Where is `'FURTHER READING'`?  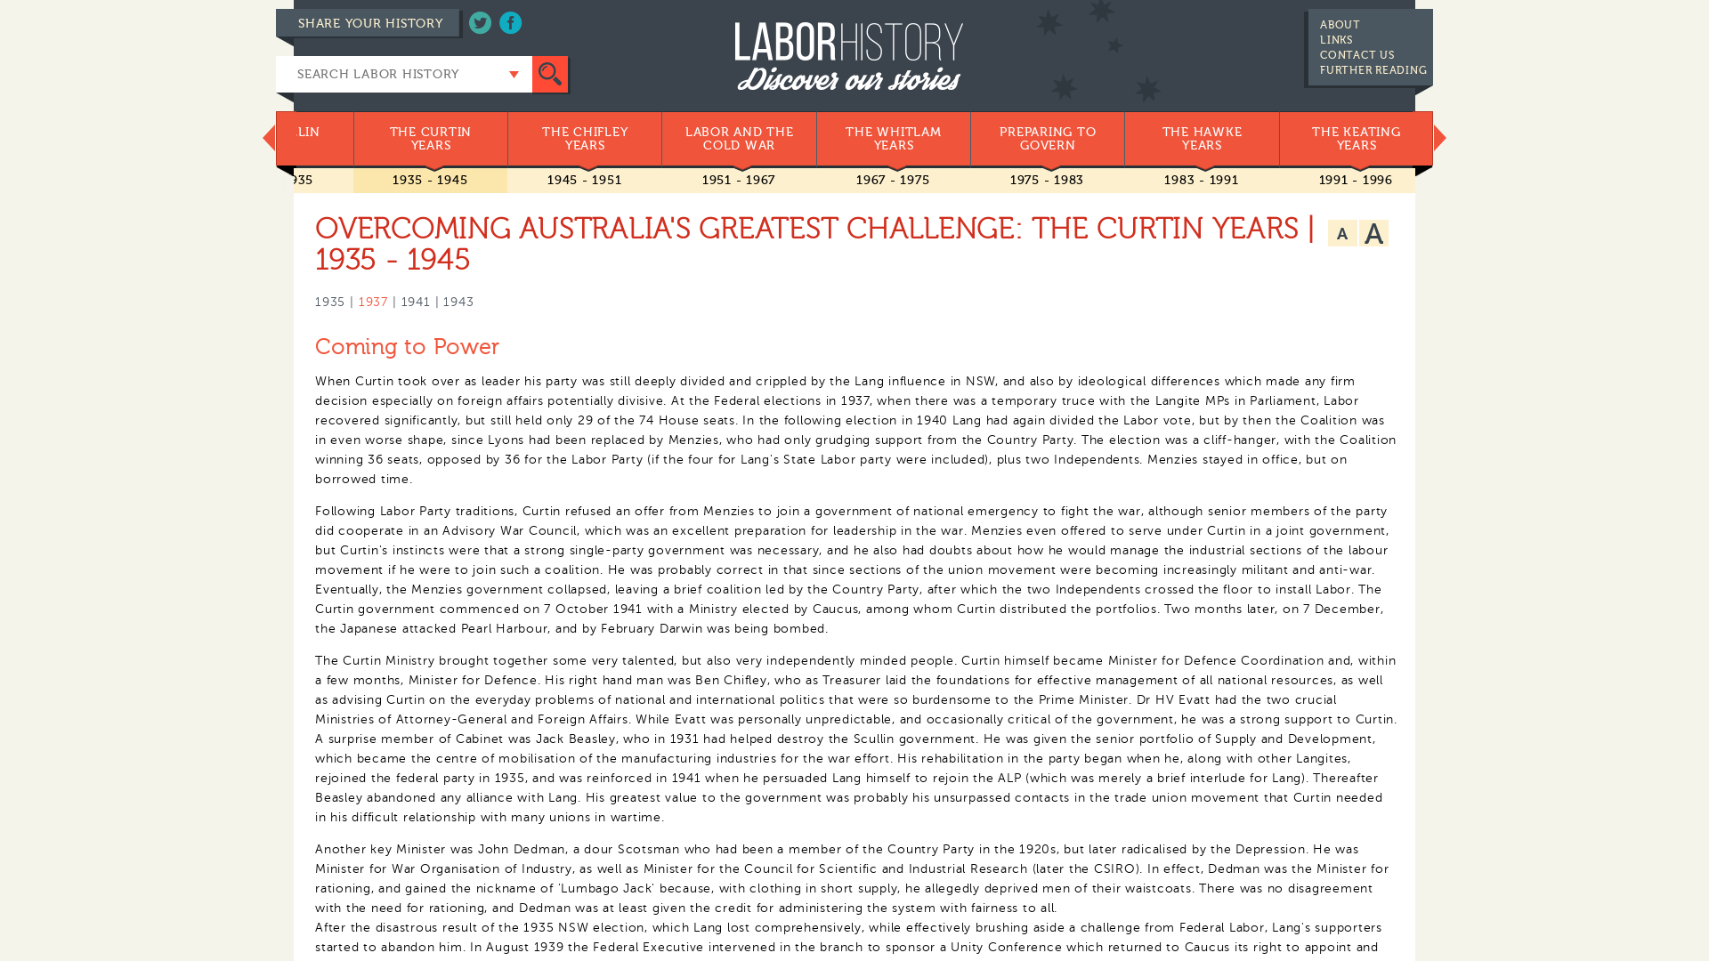
'FURTHER READING' is located at coordinates (1372, 69).